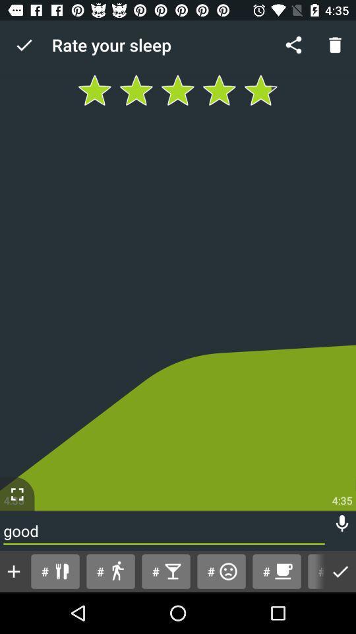 The image size is (356, 634). What do you see at coordinates (16, 493) in the screenshot?
I see `zoom in` at bounding box center [16, 493].